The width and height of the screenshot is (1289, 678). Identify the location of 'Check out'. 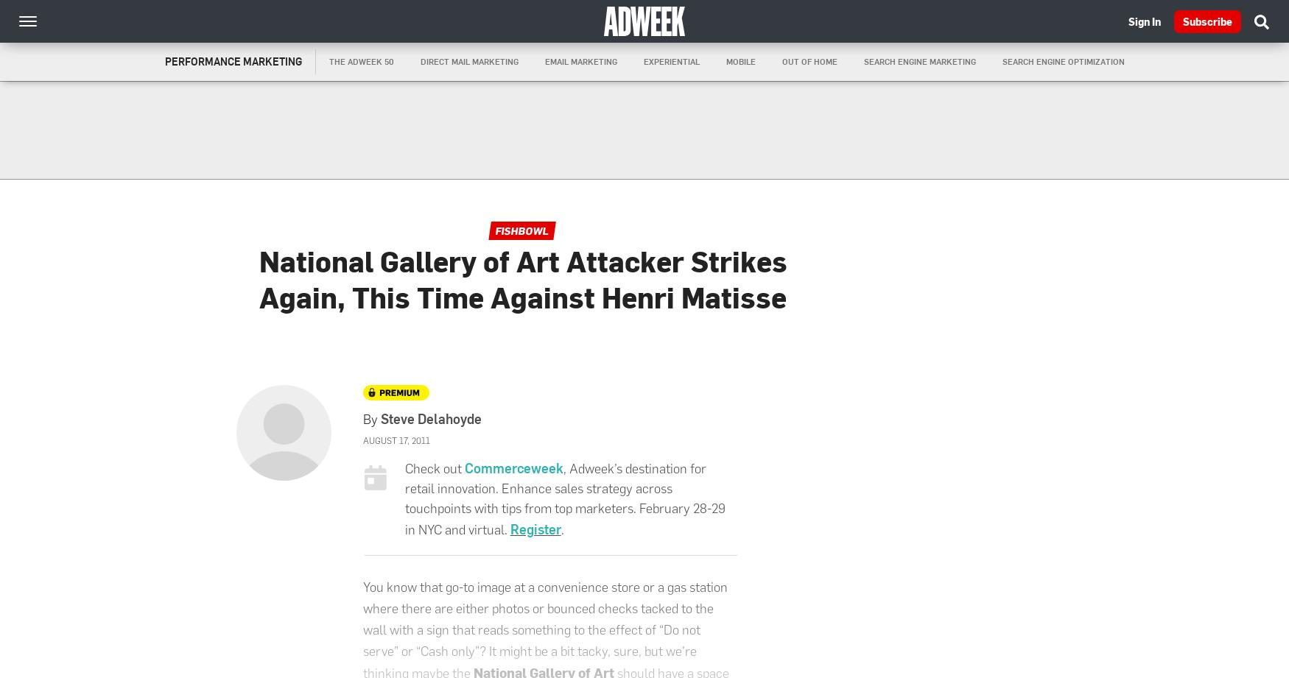
(403, 468).